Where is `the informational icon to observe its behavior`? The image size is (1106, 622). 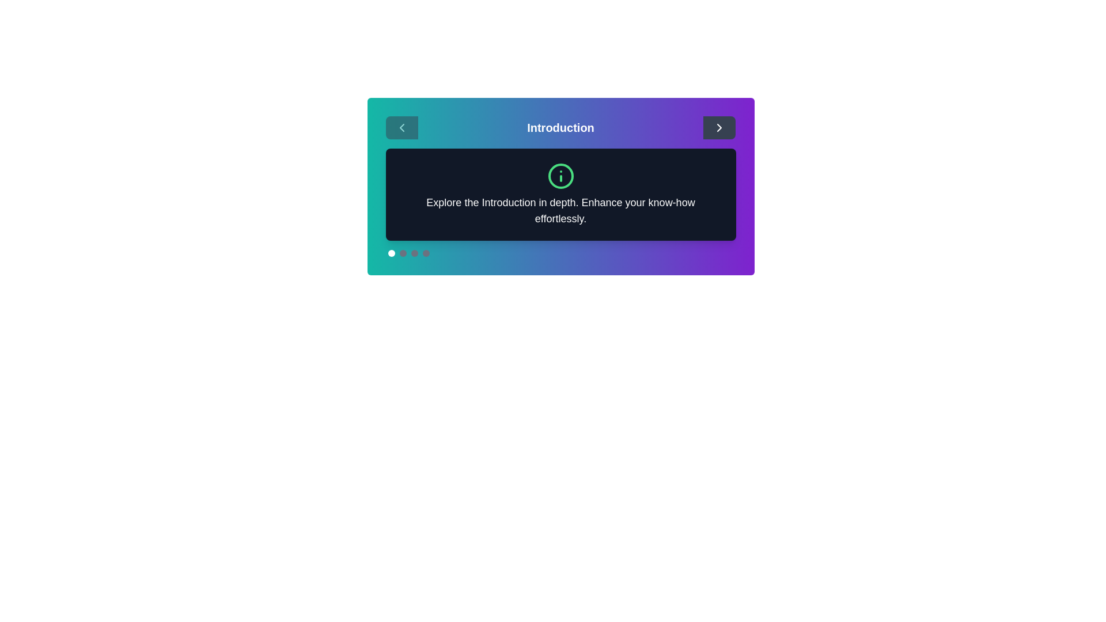 the informational icon to observe its behavior is located at coordinates (560, 176).